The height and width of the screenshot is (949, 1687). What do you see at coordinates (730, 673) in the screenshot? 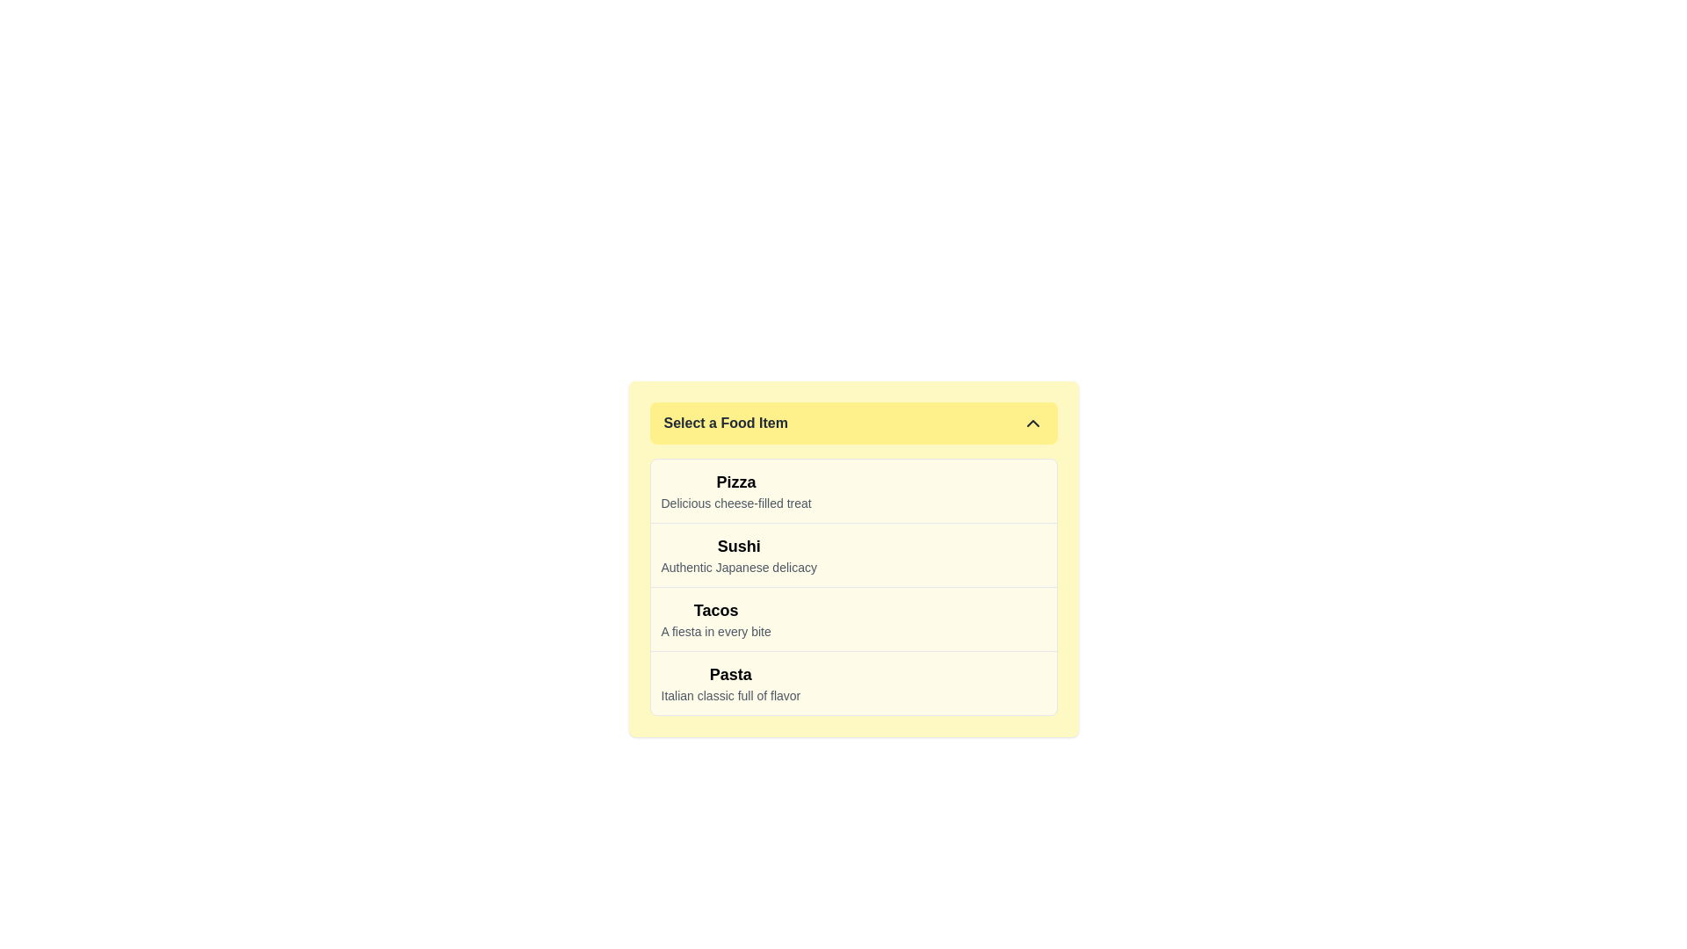
I see `the Text label displaying the name of a dish in the yellow dropdown menu labeled 'Select a Food Item', located above the description 'Italian classic full of flavor'` at bounding box center [730, 673].